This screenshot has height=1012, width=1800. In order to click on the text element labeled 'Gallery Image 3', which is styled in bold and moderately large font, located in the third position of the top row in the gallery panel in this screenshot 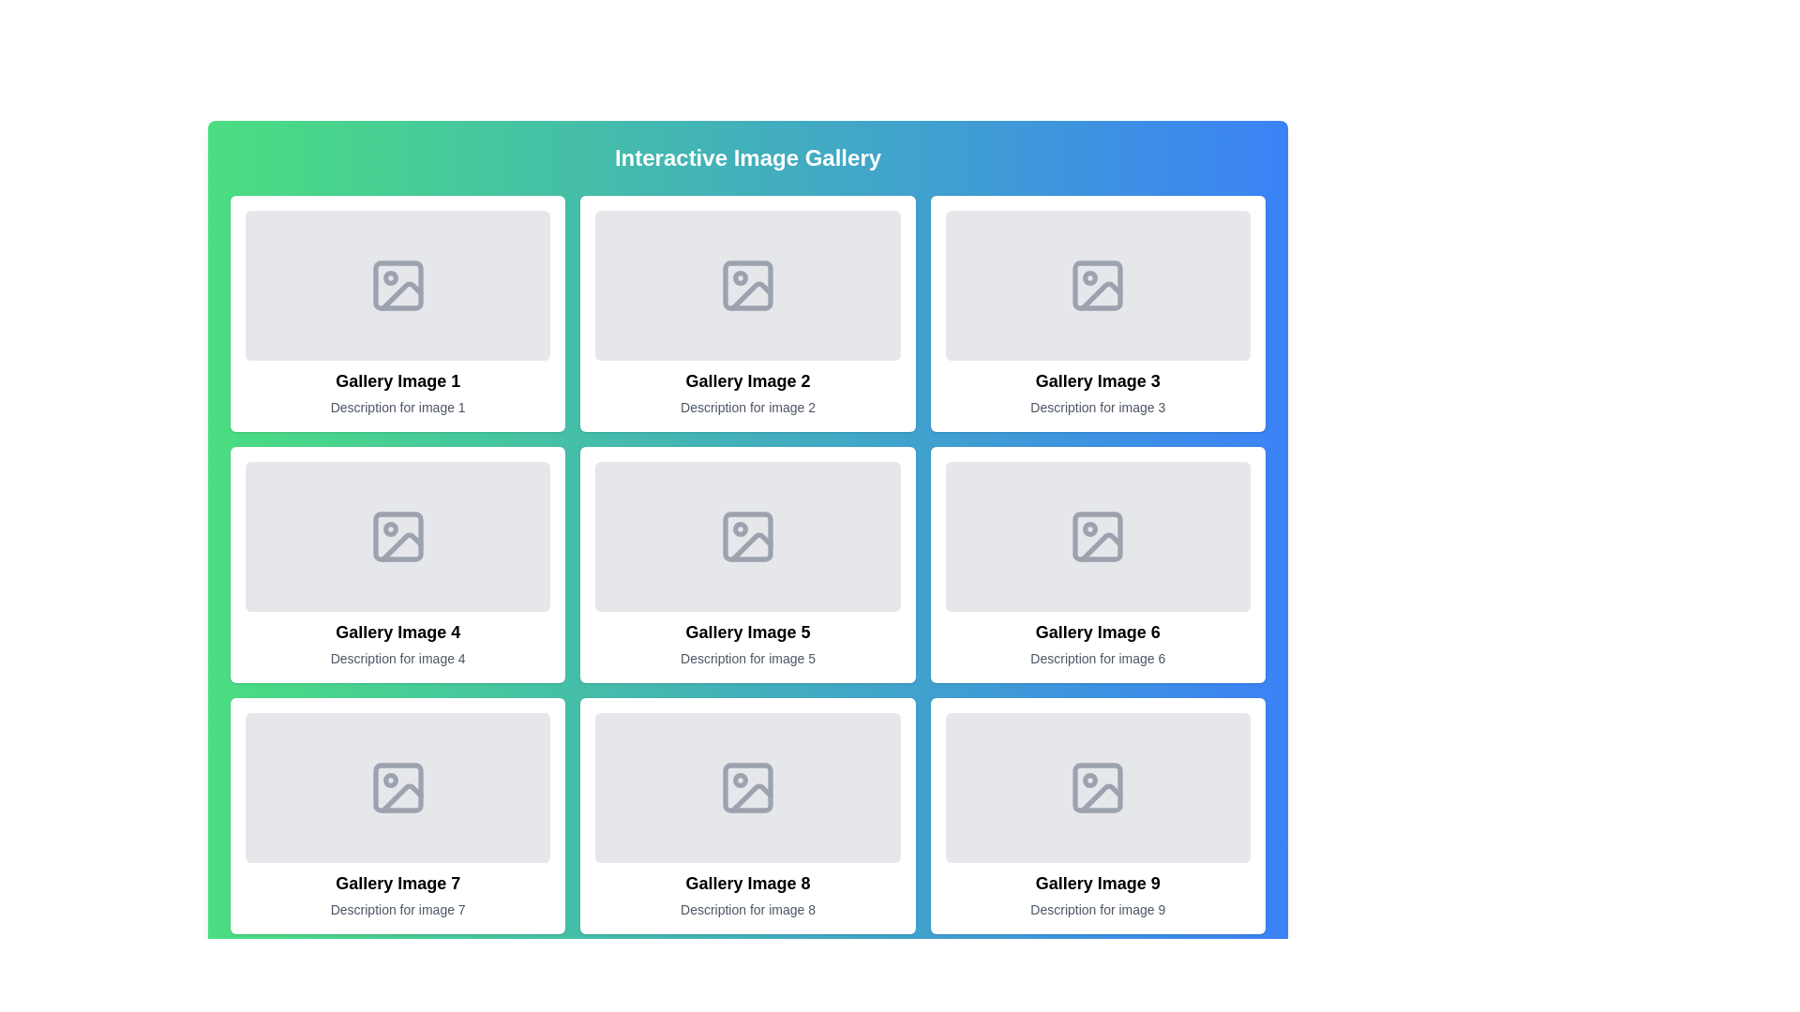, I will do `click(1098, 380)`.